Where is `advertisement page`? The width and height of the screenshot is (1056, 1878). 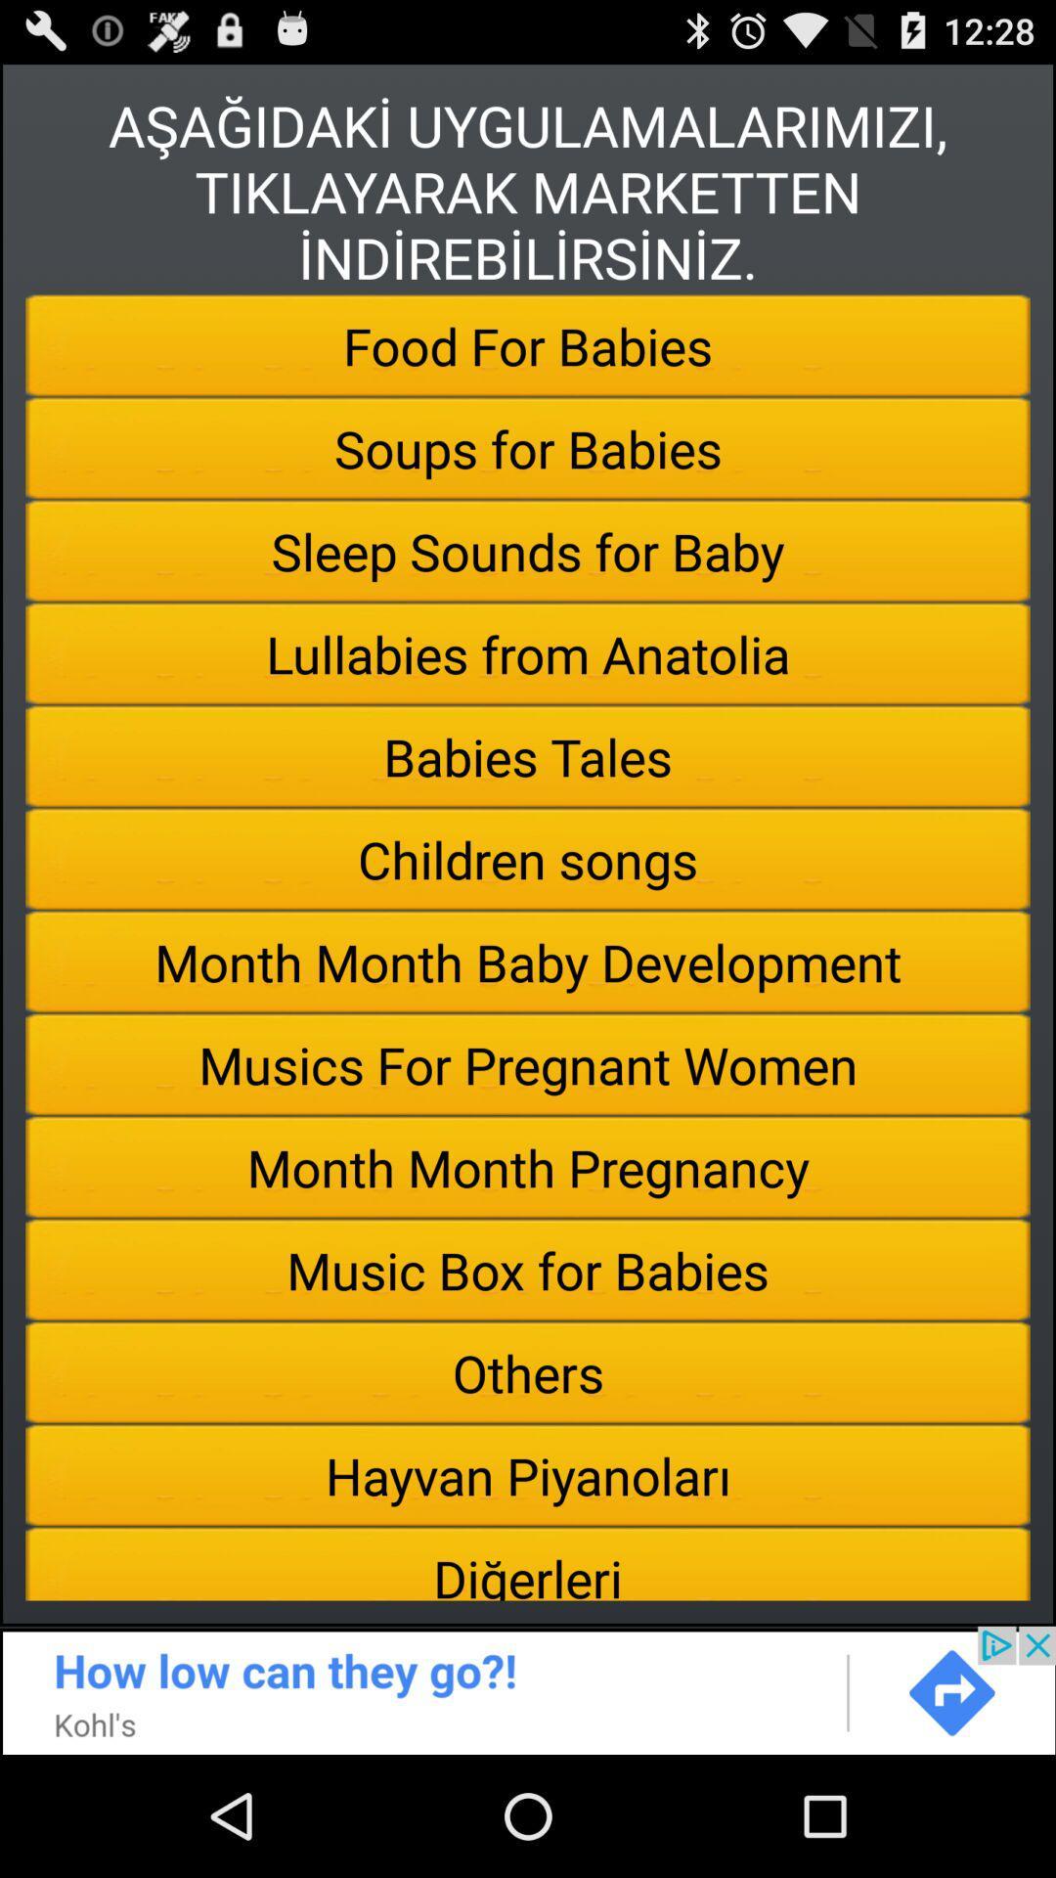 advertisement page is located at coordinates (528, 1689).